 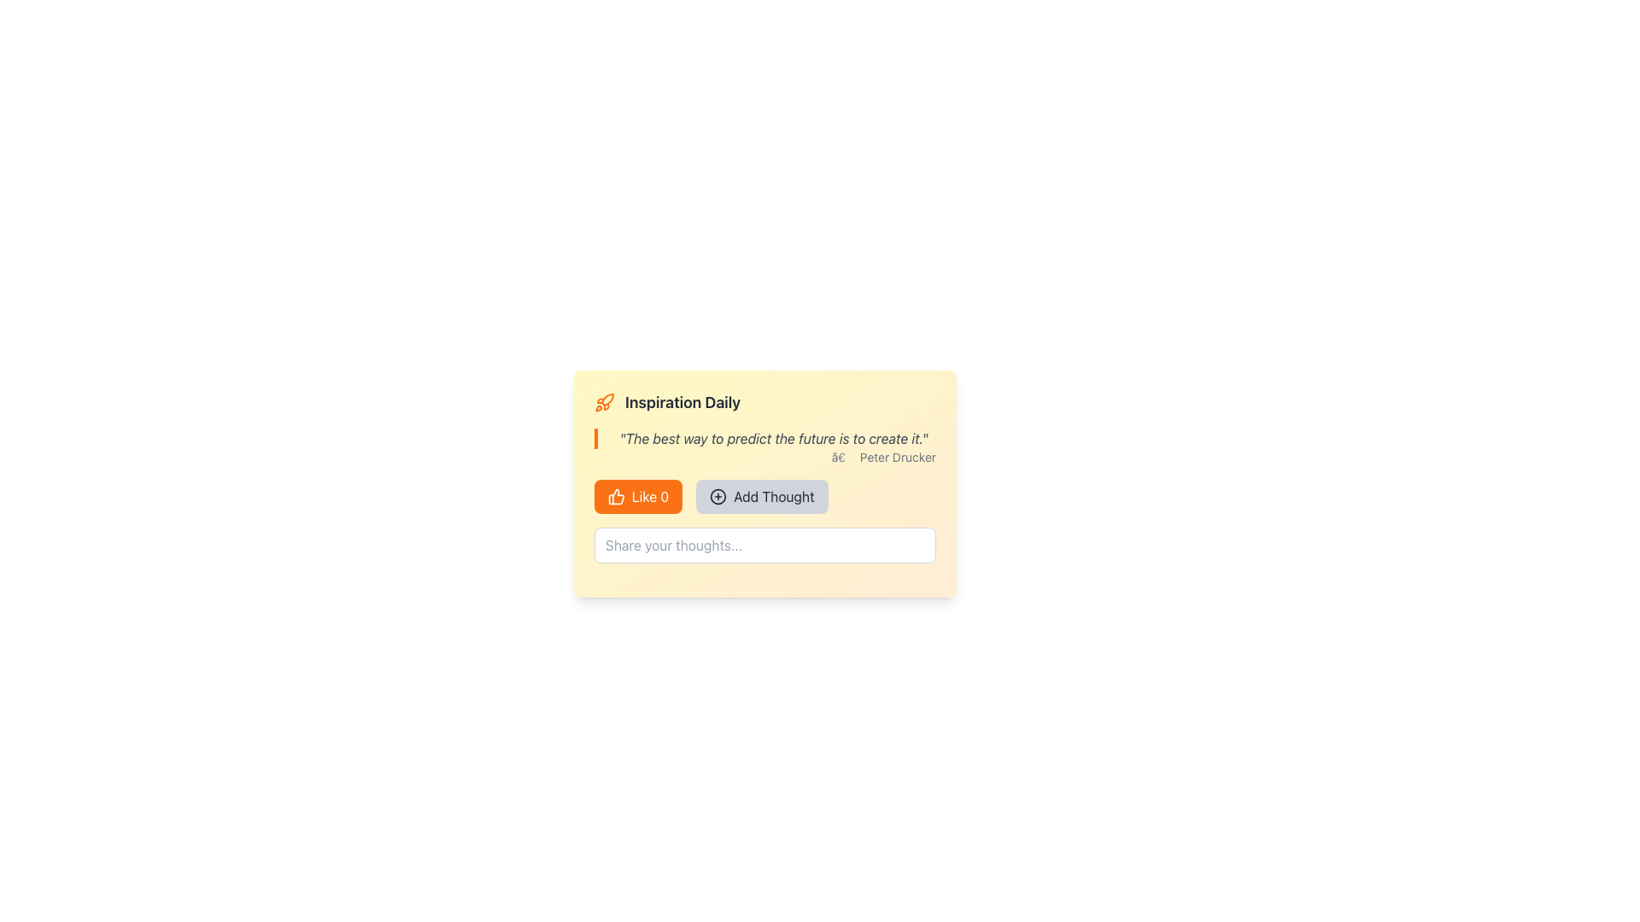 What do you see at coordinates (637, 497) in the screenshot?
I see `the 'Like 0' button with a thumbs-up icon, which has a vibrant orange background and is located to the left of the 'Add Thought' button in the horizontal button group at the bottom of the 'Inspiration Daily' card` at bounding box center [637, 497].